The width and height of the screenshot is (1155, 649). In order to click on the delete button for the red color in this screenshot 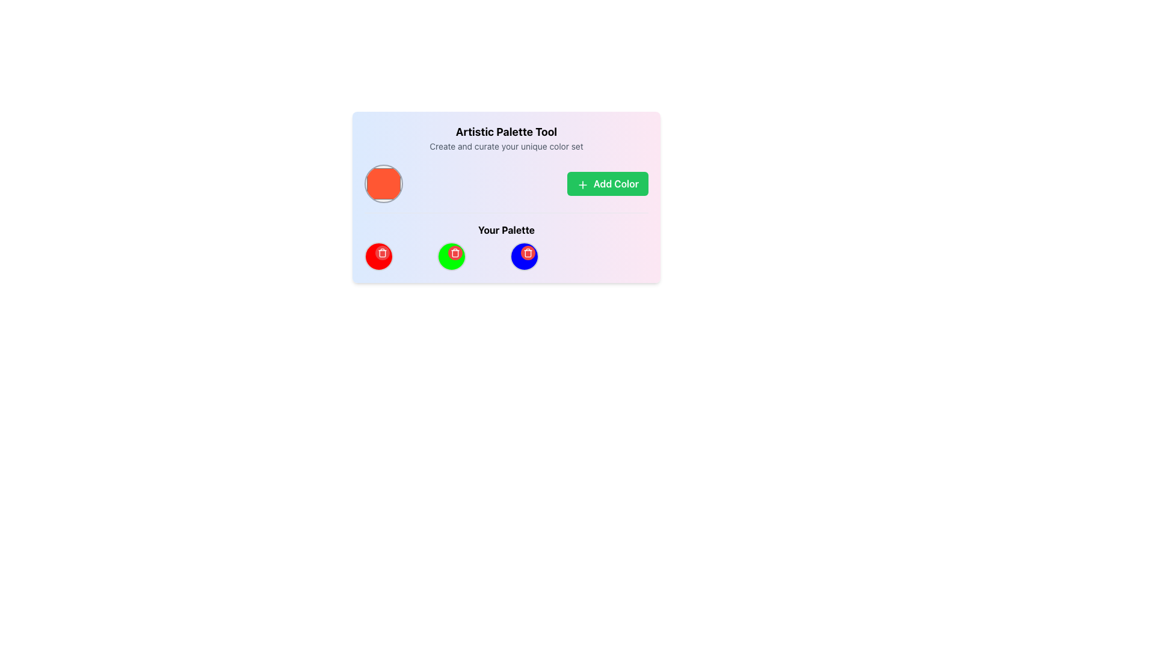, I will do `click(381, 252)`.